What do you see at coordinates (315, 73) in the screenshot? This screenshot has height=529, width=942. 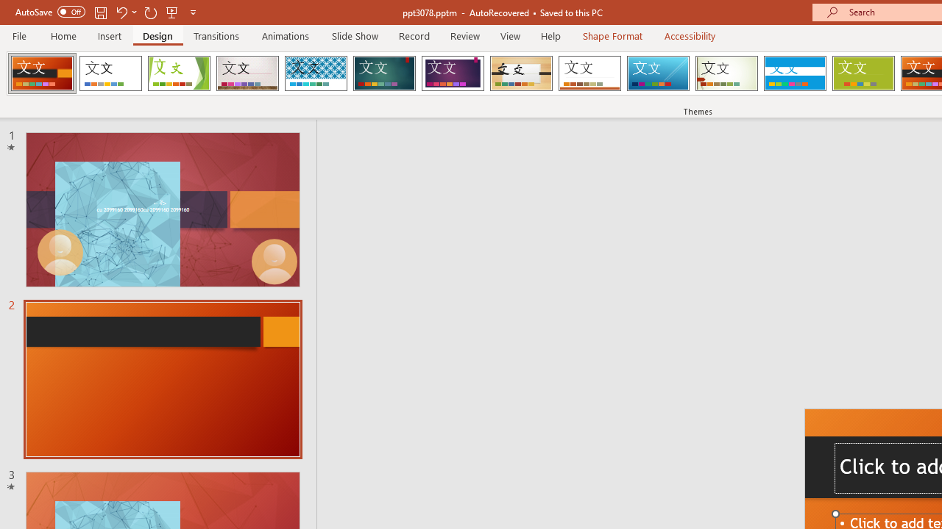 I see `'Integral'` at bounding box center [315, 73].